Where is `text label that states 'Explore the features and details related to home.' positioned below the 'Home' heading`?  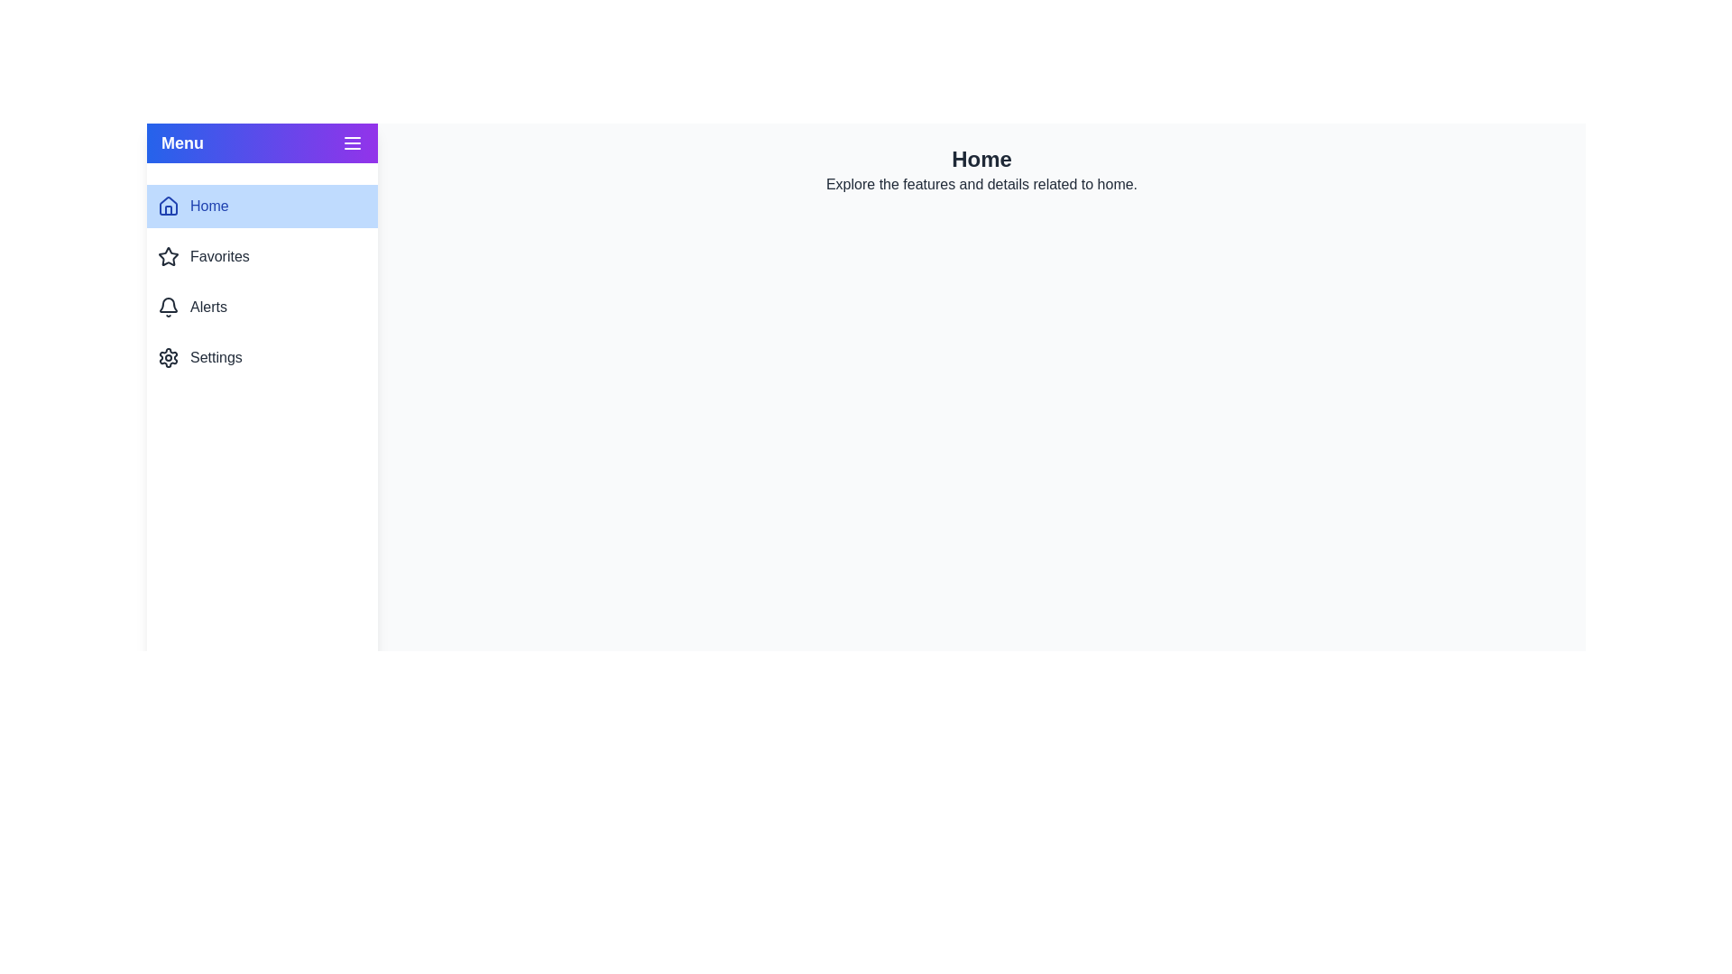
text label that states 'Explore the features and details related to home.' positioned below the 'Home' heading is located at coordinates (981, 184).